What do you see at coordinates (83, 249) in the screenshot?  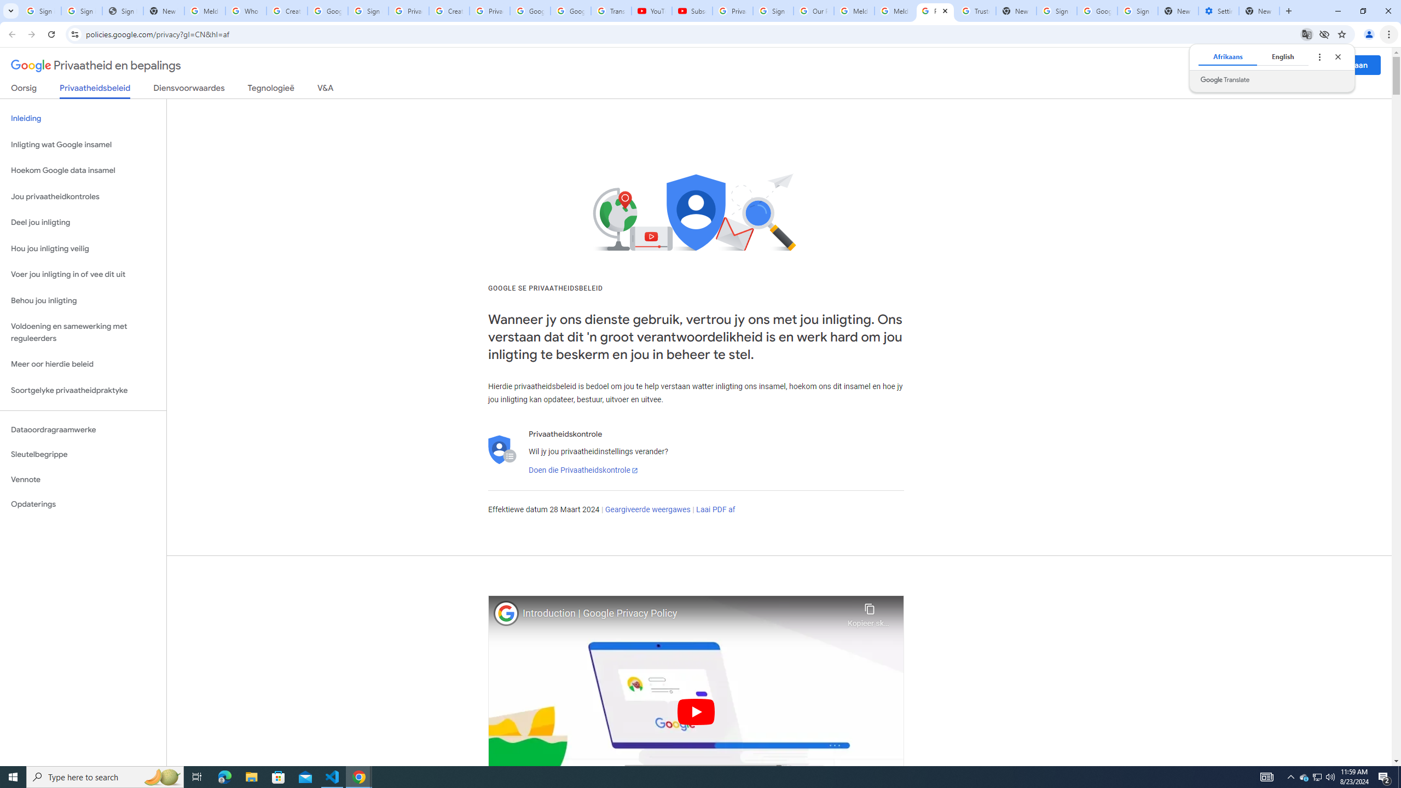 I see `'Hou jou inligting veilig'` at bounding box center [83, 249].